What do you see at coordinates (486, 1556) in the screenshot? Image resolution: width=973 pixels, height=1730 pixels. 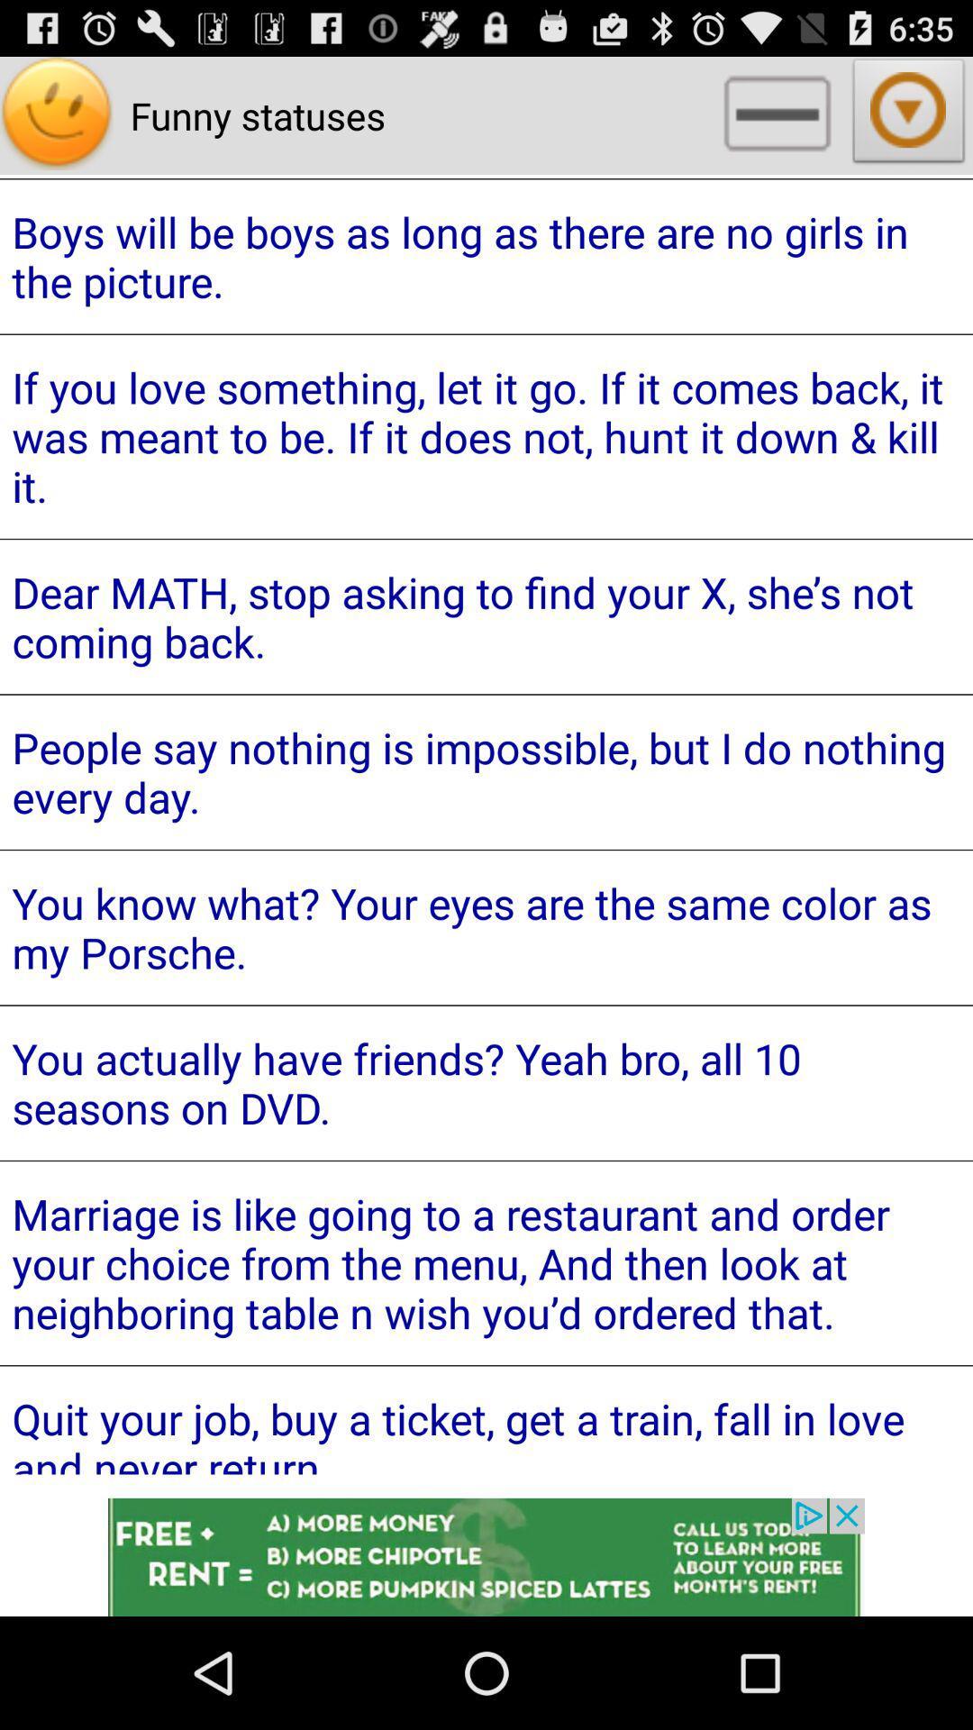 I see `open advertisements` at bounding box center [486, 1556].